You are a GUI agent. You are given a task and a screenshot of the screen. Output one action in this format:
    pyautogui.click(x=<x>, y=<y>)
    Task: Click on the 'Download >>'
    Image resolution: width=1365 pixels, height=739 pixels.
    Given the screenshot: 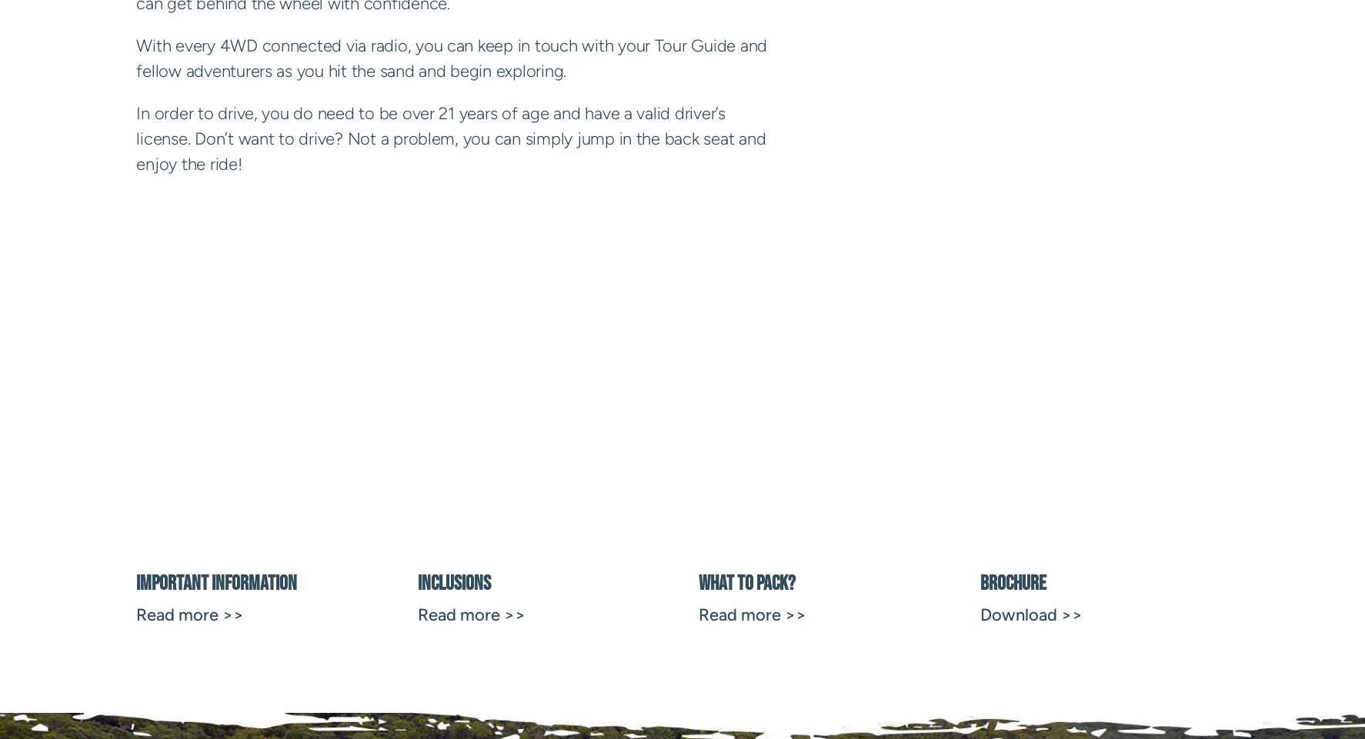 What is the action you would take?
    pyautogui.click(x=1030, y=614)
    